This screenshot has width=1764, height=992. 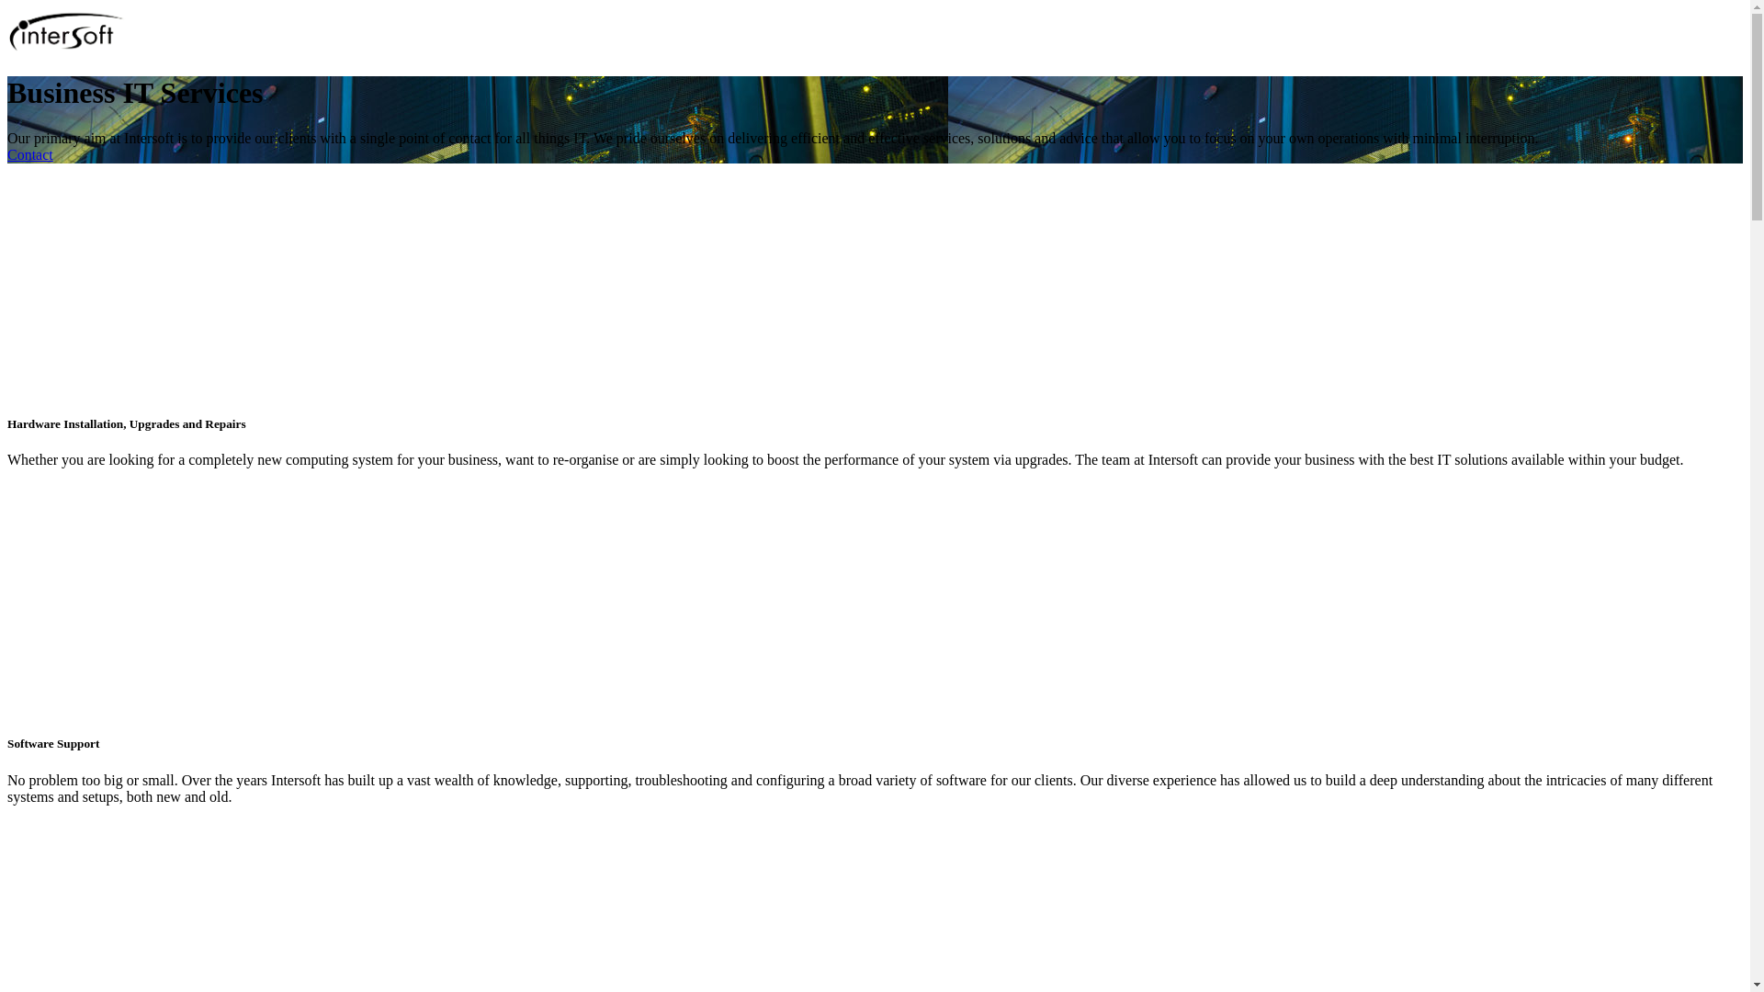 I want to click on 'Contact', so click(x=30, y=153).